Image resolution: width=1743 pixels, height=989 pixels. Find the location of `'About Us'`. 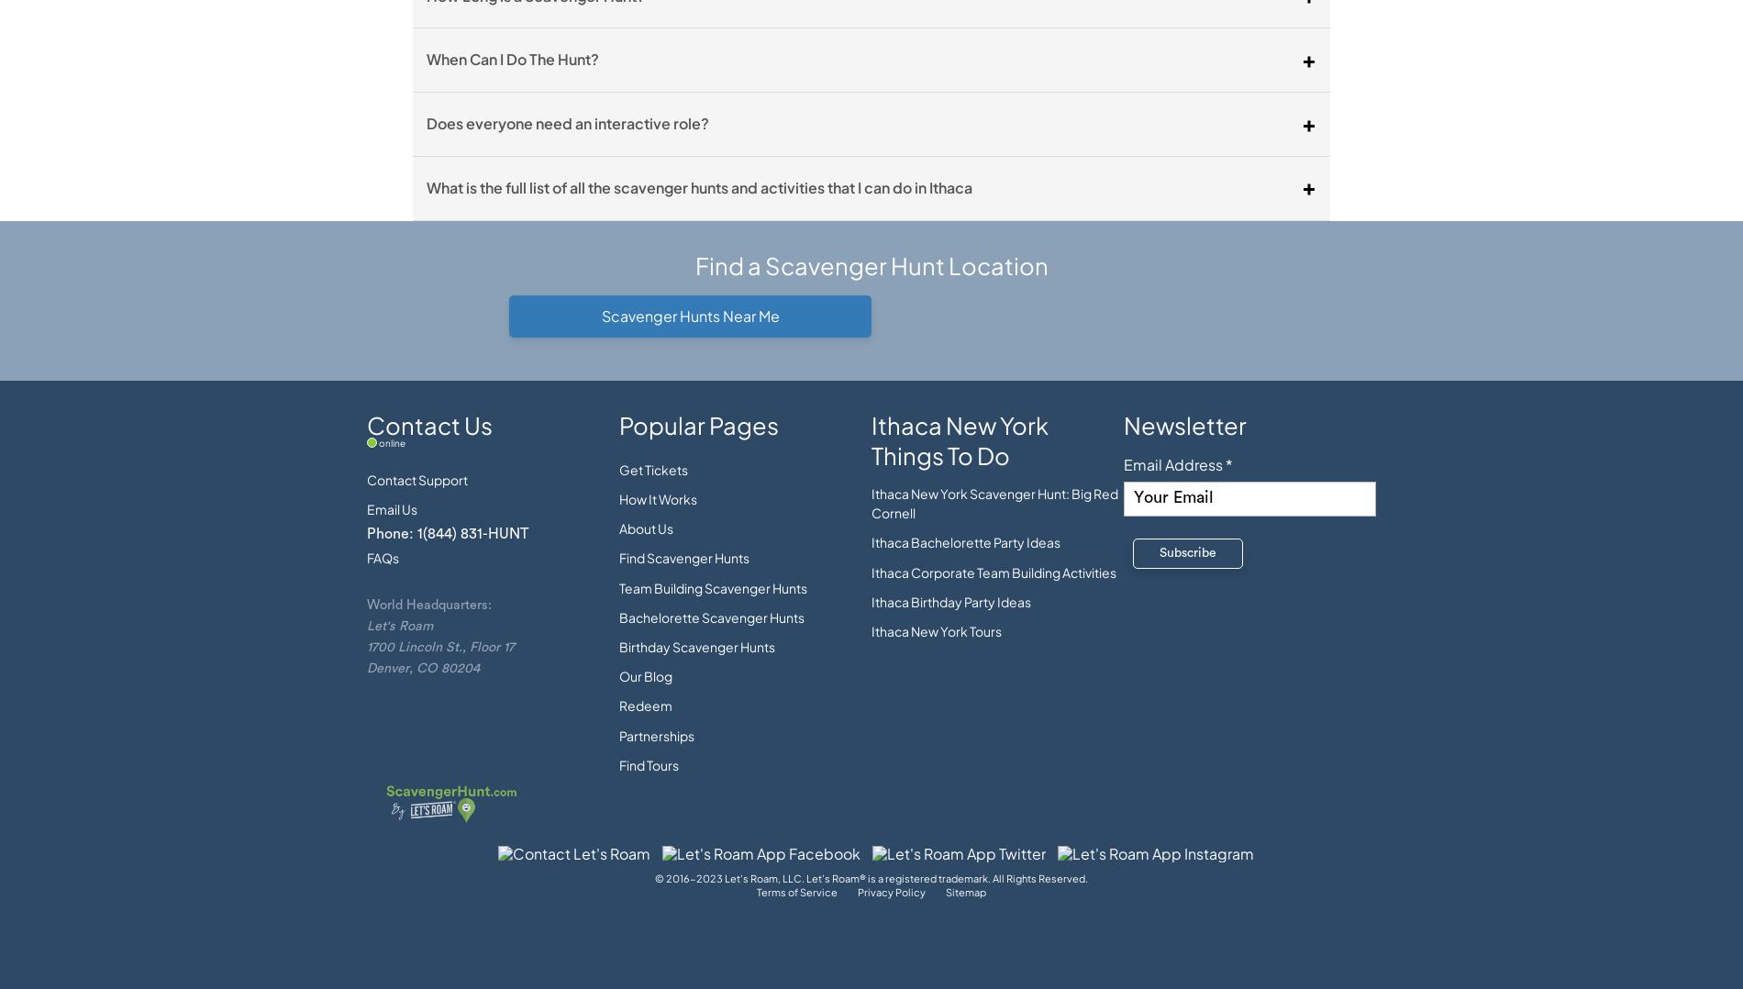

'About Us' is located at coordinates (646, 527).